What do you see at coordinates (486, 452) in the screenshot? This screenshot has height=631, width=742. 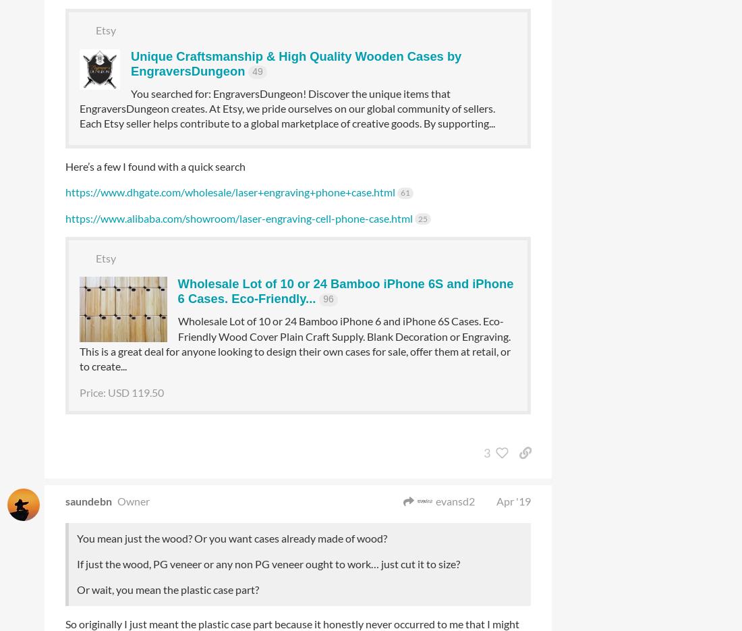 I see `'3'` at bounding box center [486, 452].